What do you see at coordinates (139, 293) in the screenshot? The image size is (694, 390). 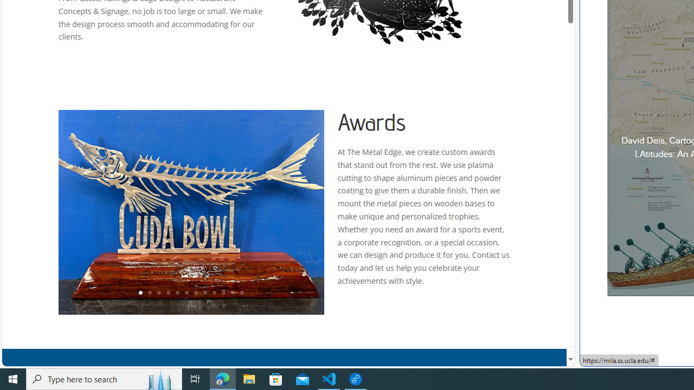 I see `'1'` at bounding box center [139, 293].